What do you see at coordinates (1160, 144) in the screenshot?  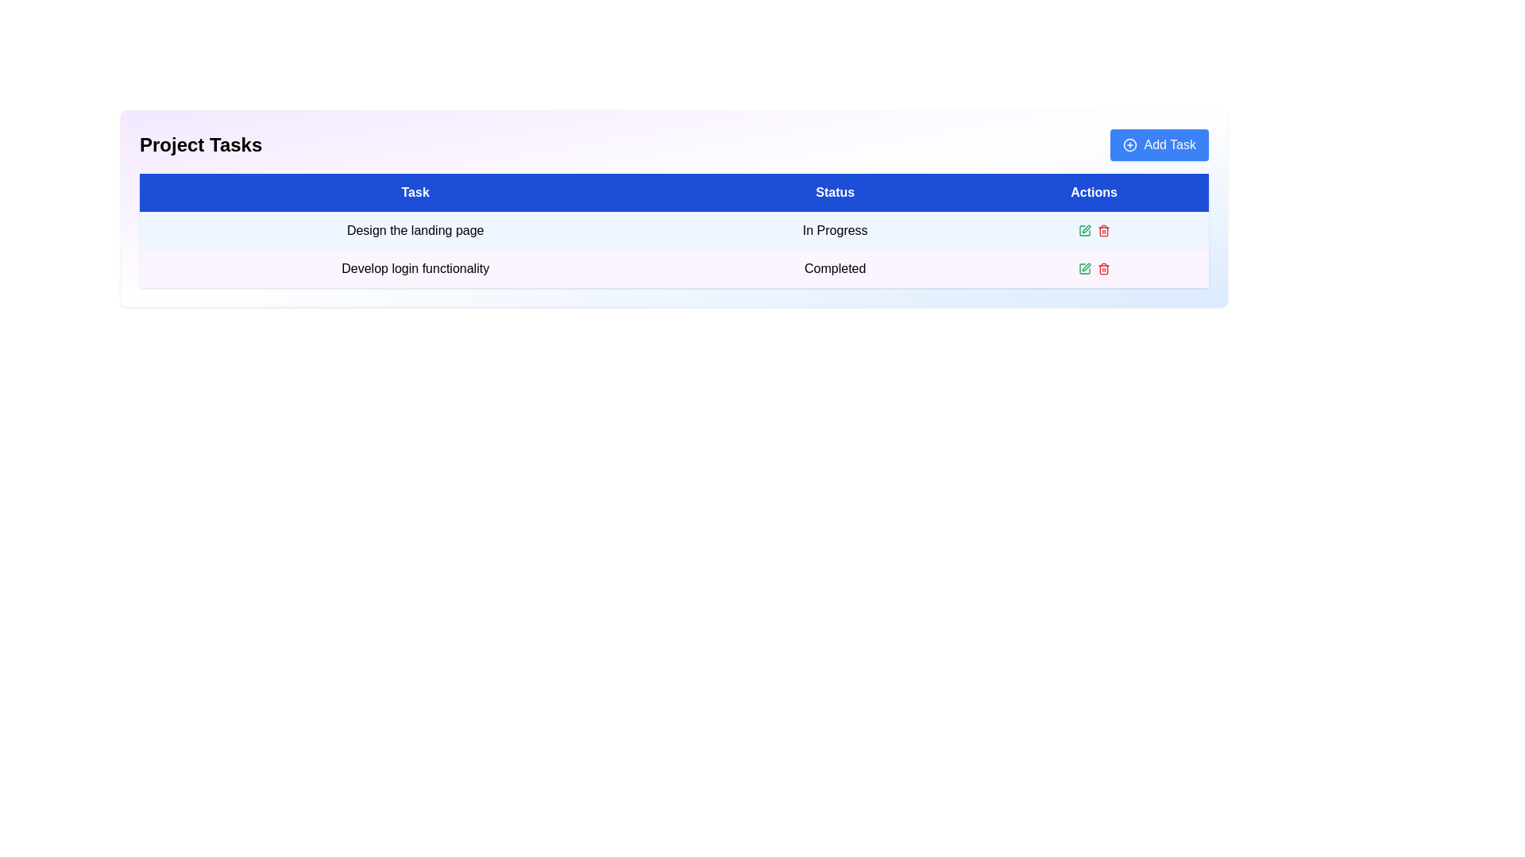 I see `the button for adding new tasks located on the right side of the header section labeled 'Project Tasks'` at bounding box center [1160, 144].